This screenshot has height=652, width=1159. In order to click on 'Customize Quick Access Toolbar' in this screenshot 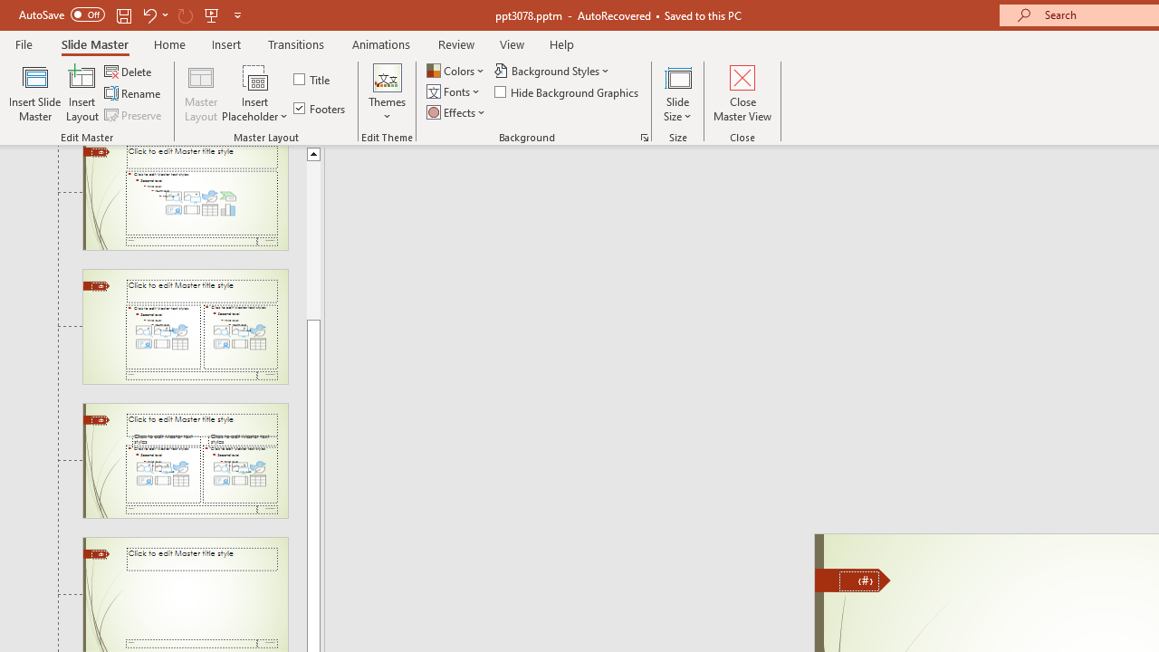, I will do `click(237, 14)`.